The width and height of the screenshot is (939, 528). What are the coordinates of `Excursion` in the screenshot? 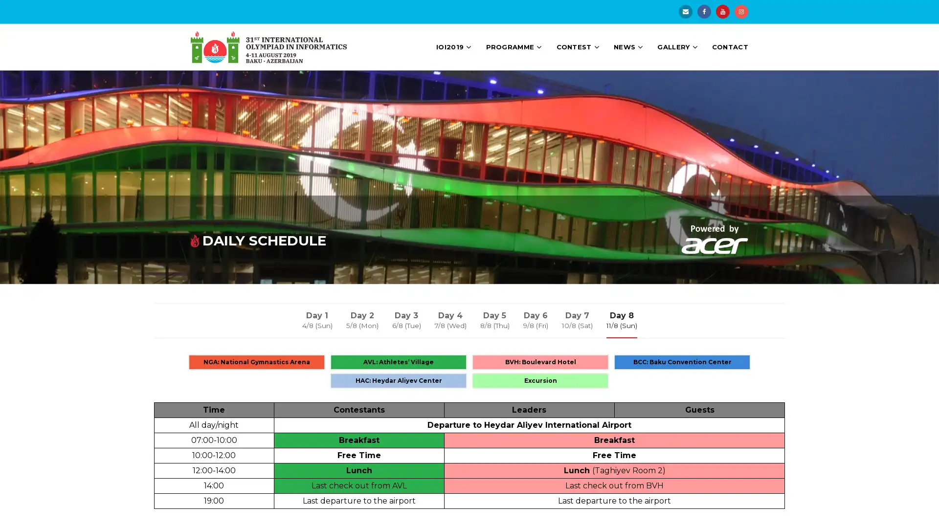 It's located at (539, 380).